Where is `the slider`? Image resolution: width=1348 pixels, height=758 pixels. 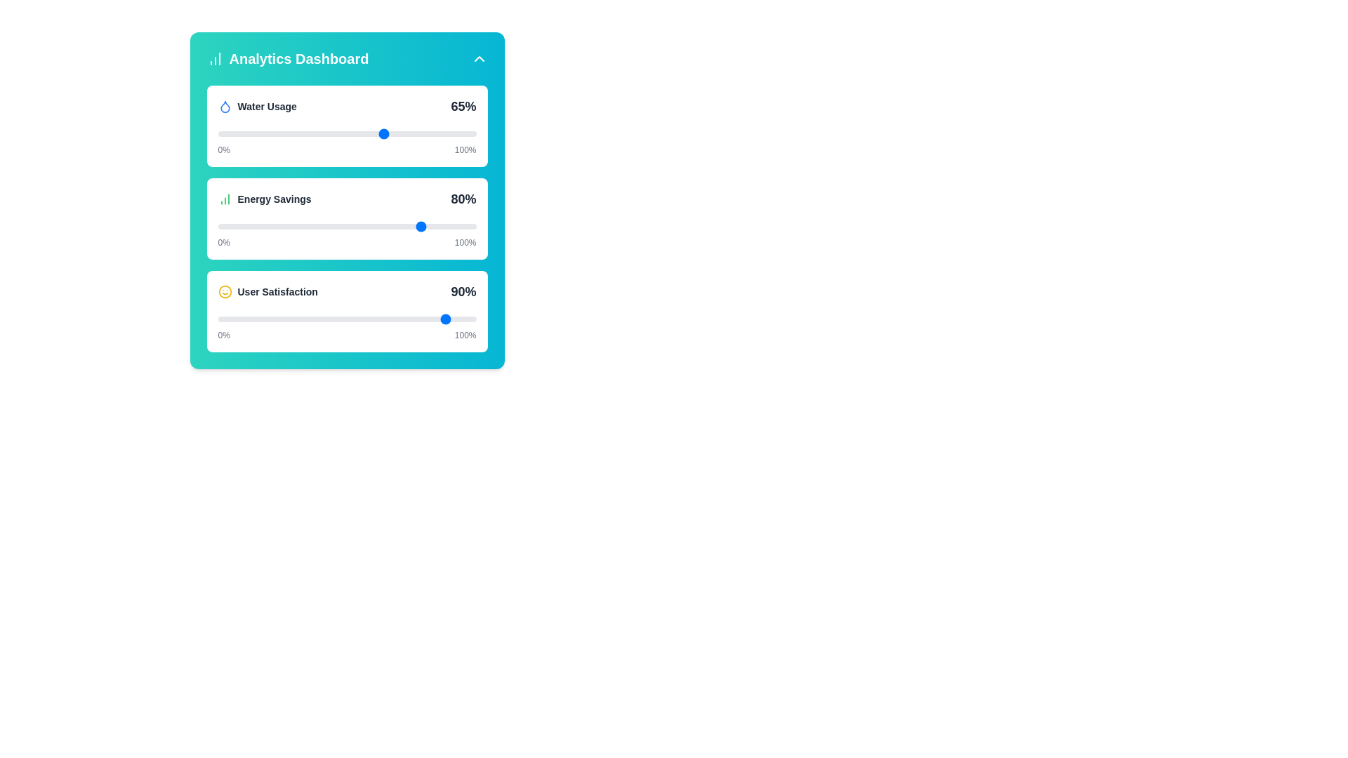 the slider is located at coordinates (303, 226).